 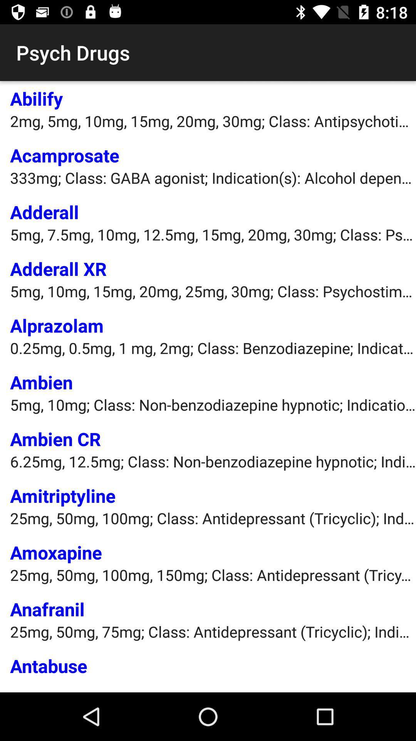 What do you see at coordinates (64, 155) in the screenshot?
I see `app above the 333mg class gaba` at bounding box center [64, 155].